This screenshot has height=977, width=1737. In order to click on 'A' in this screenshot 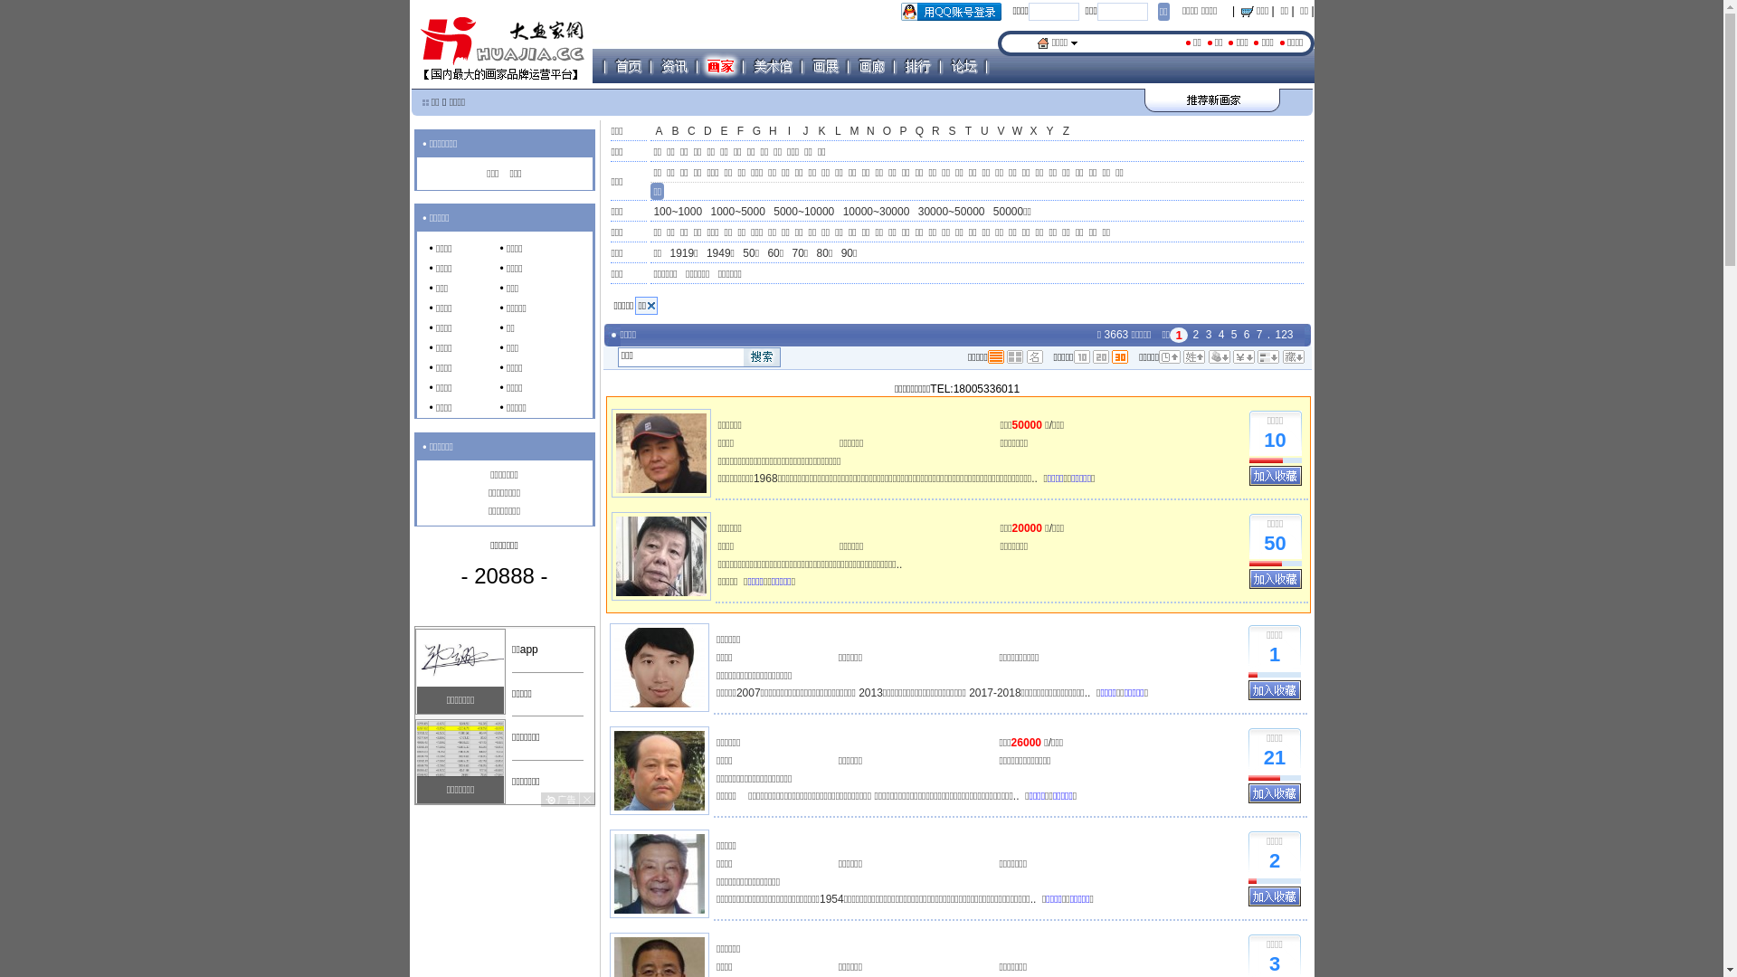, I will do `click(650, 131)`.